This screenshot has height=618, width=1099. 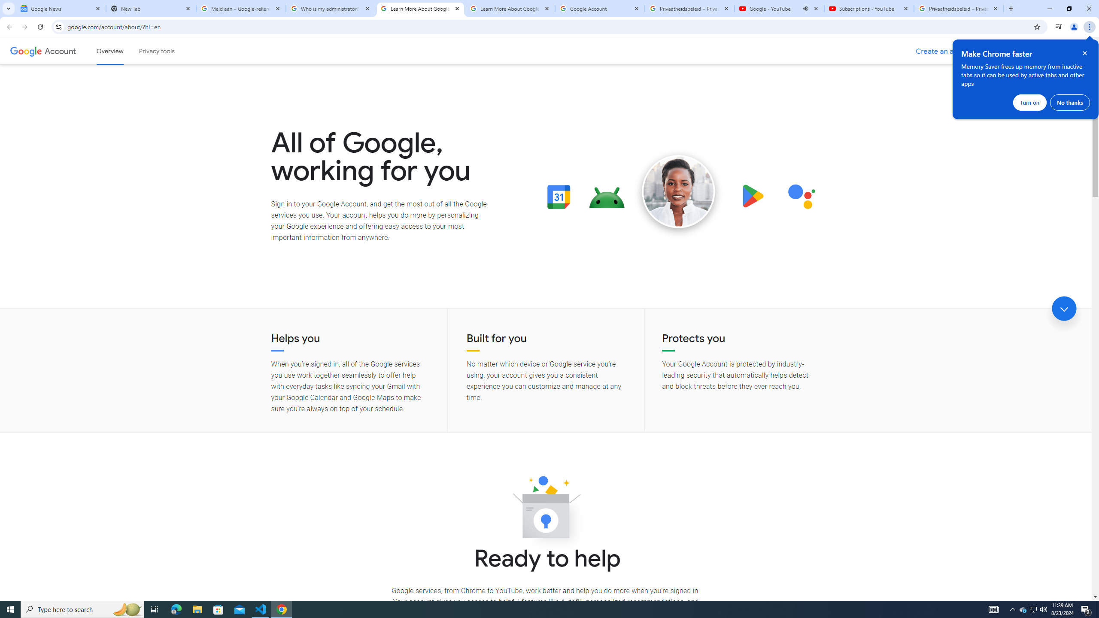 What do you see at coordinates (156, 51) in the screenshot?
I see `'Privacy tools'` at bounding box center [156, 51].